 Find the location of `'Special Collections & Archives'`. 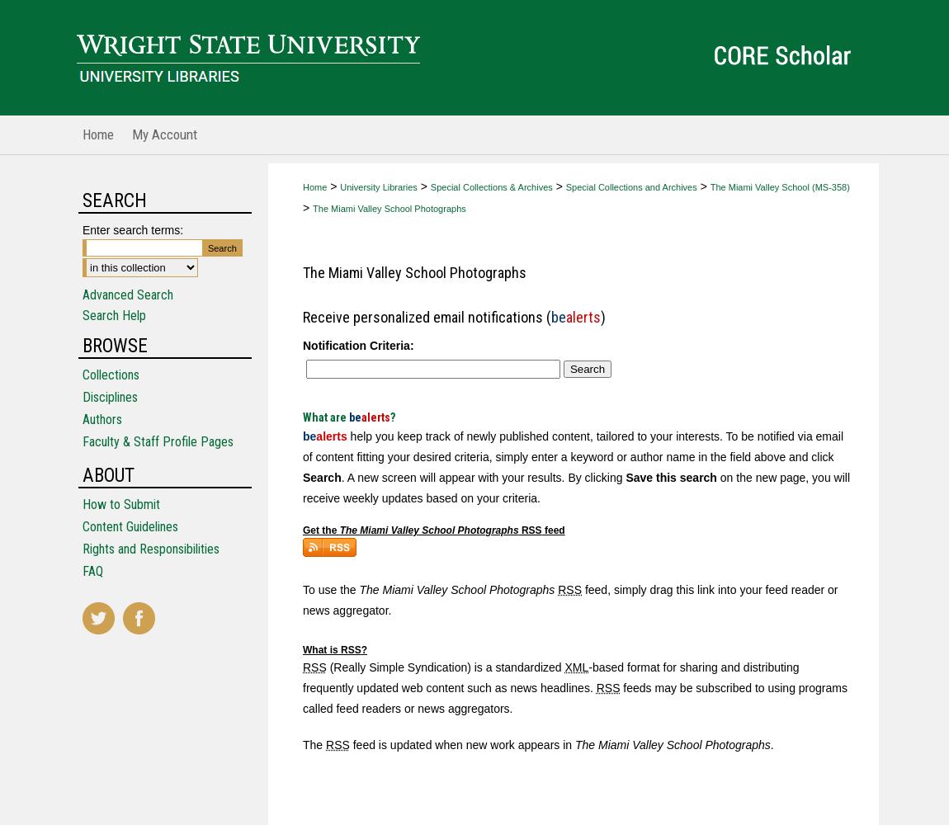

'Special Collections & Archives' is located at coordinates (490, 186).